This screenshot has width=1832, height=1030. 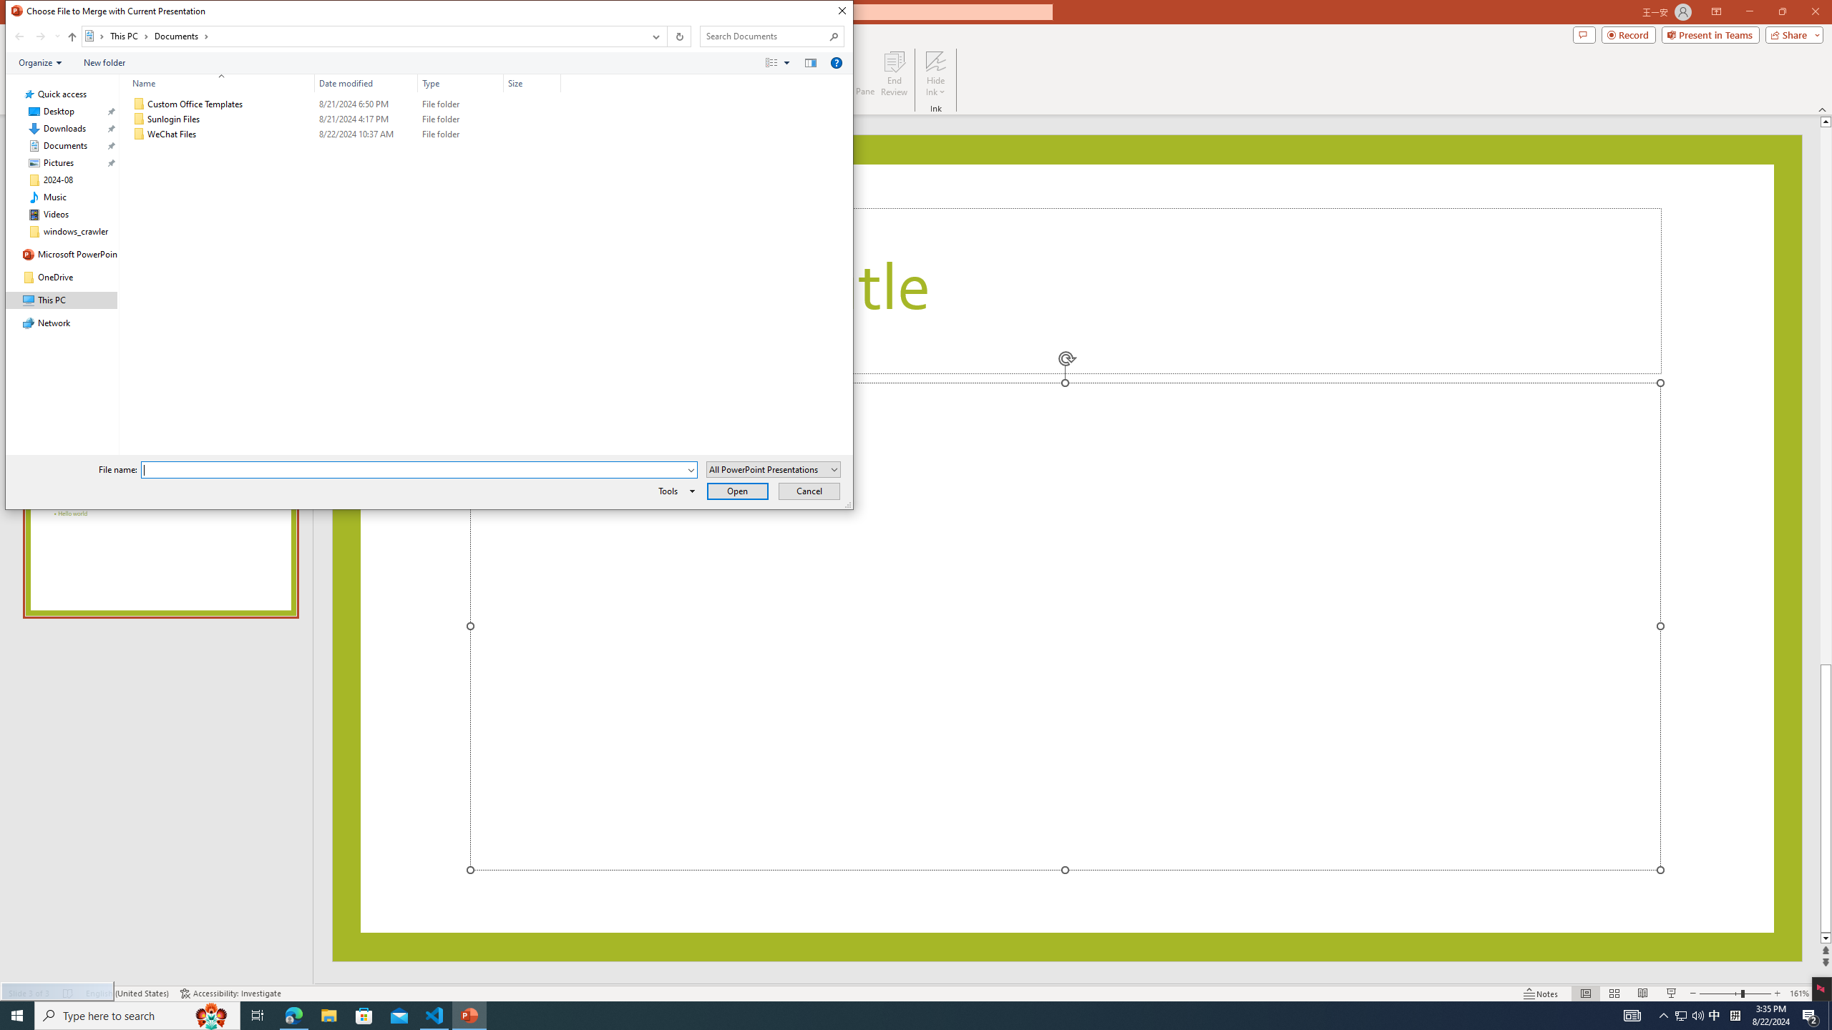 I want to click on 'Search Box', so click(x=764, y=35).